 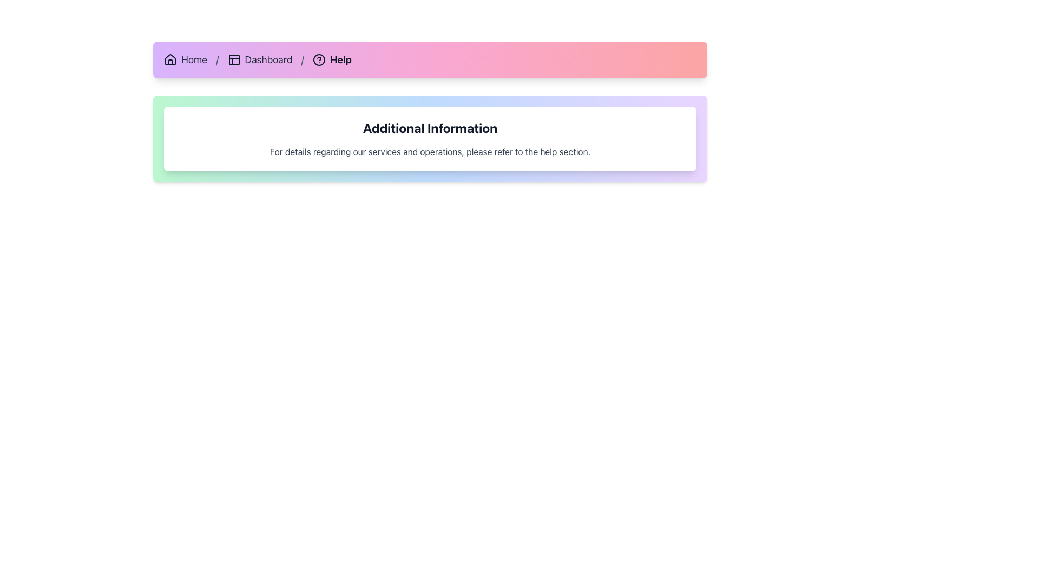 What do you see at coordinates (332, 60) in the screenshot?
I see `the 'Help' breadcrumb navigation item, which is the third item in the breadcrumb bar` at bounding box center [332, 60].